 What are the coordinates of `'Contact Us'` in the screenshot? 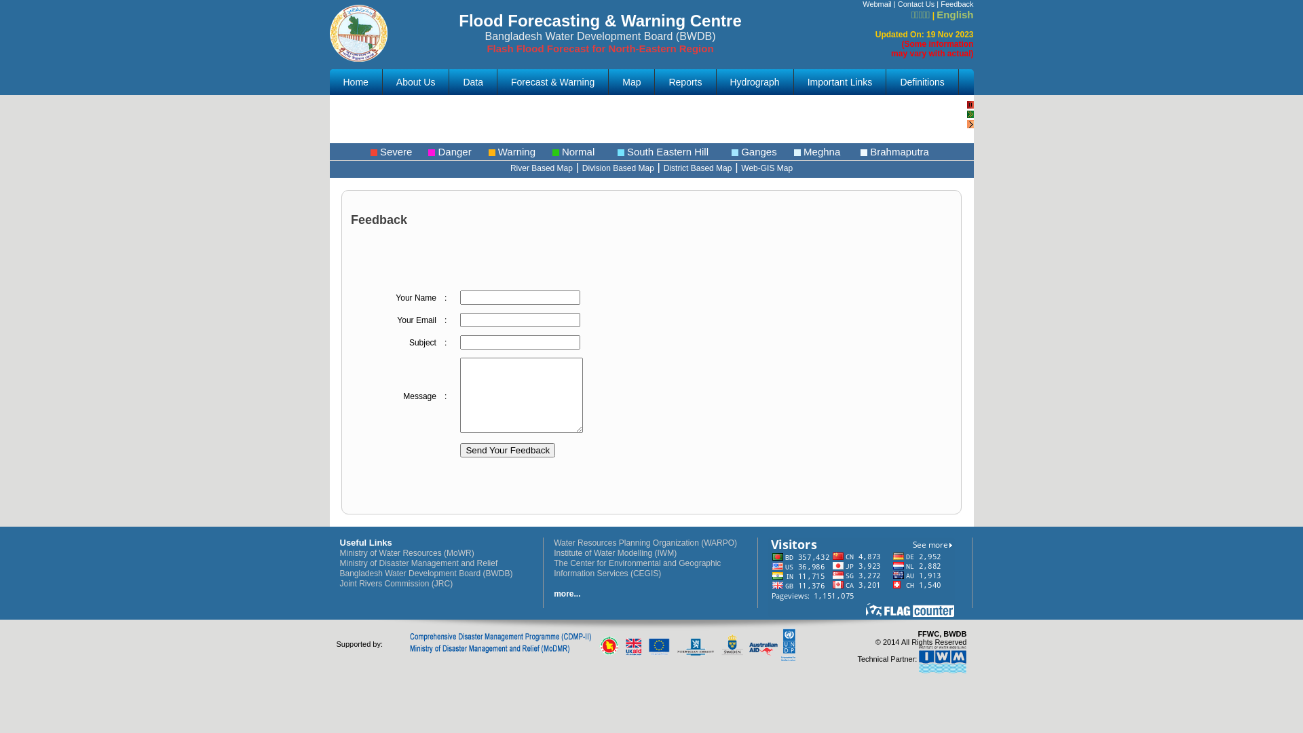 It's located at (898, 4).